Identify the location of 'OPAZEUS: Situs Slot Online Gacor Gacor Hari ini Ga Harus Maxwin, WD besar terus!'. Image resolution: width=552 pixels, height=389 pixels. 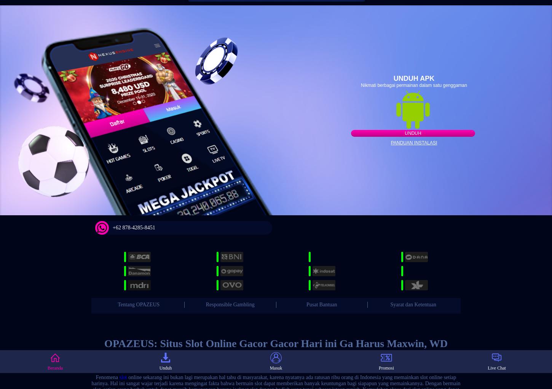
(275, 349).